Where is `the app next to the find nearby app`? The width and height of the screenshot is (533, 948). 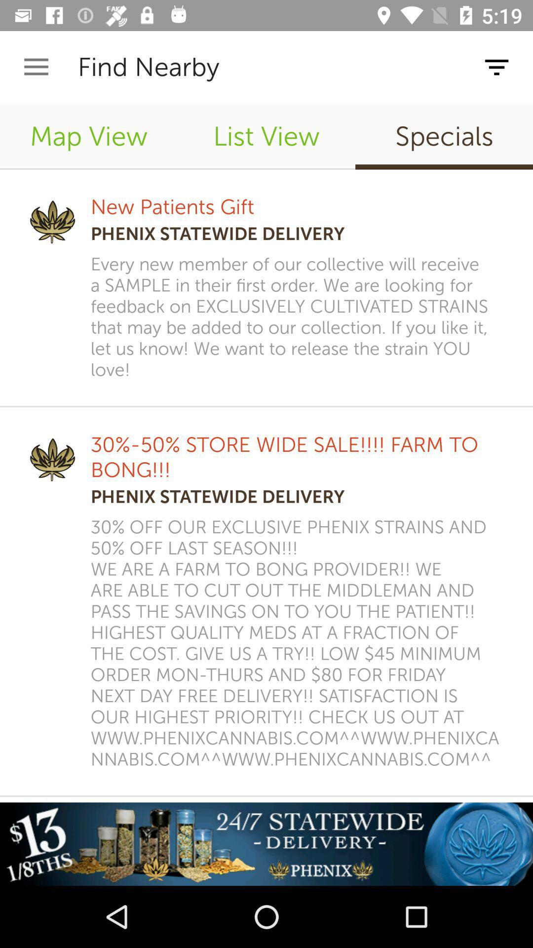 the app next to the find nearby app is located at coordinates (36, 67).